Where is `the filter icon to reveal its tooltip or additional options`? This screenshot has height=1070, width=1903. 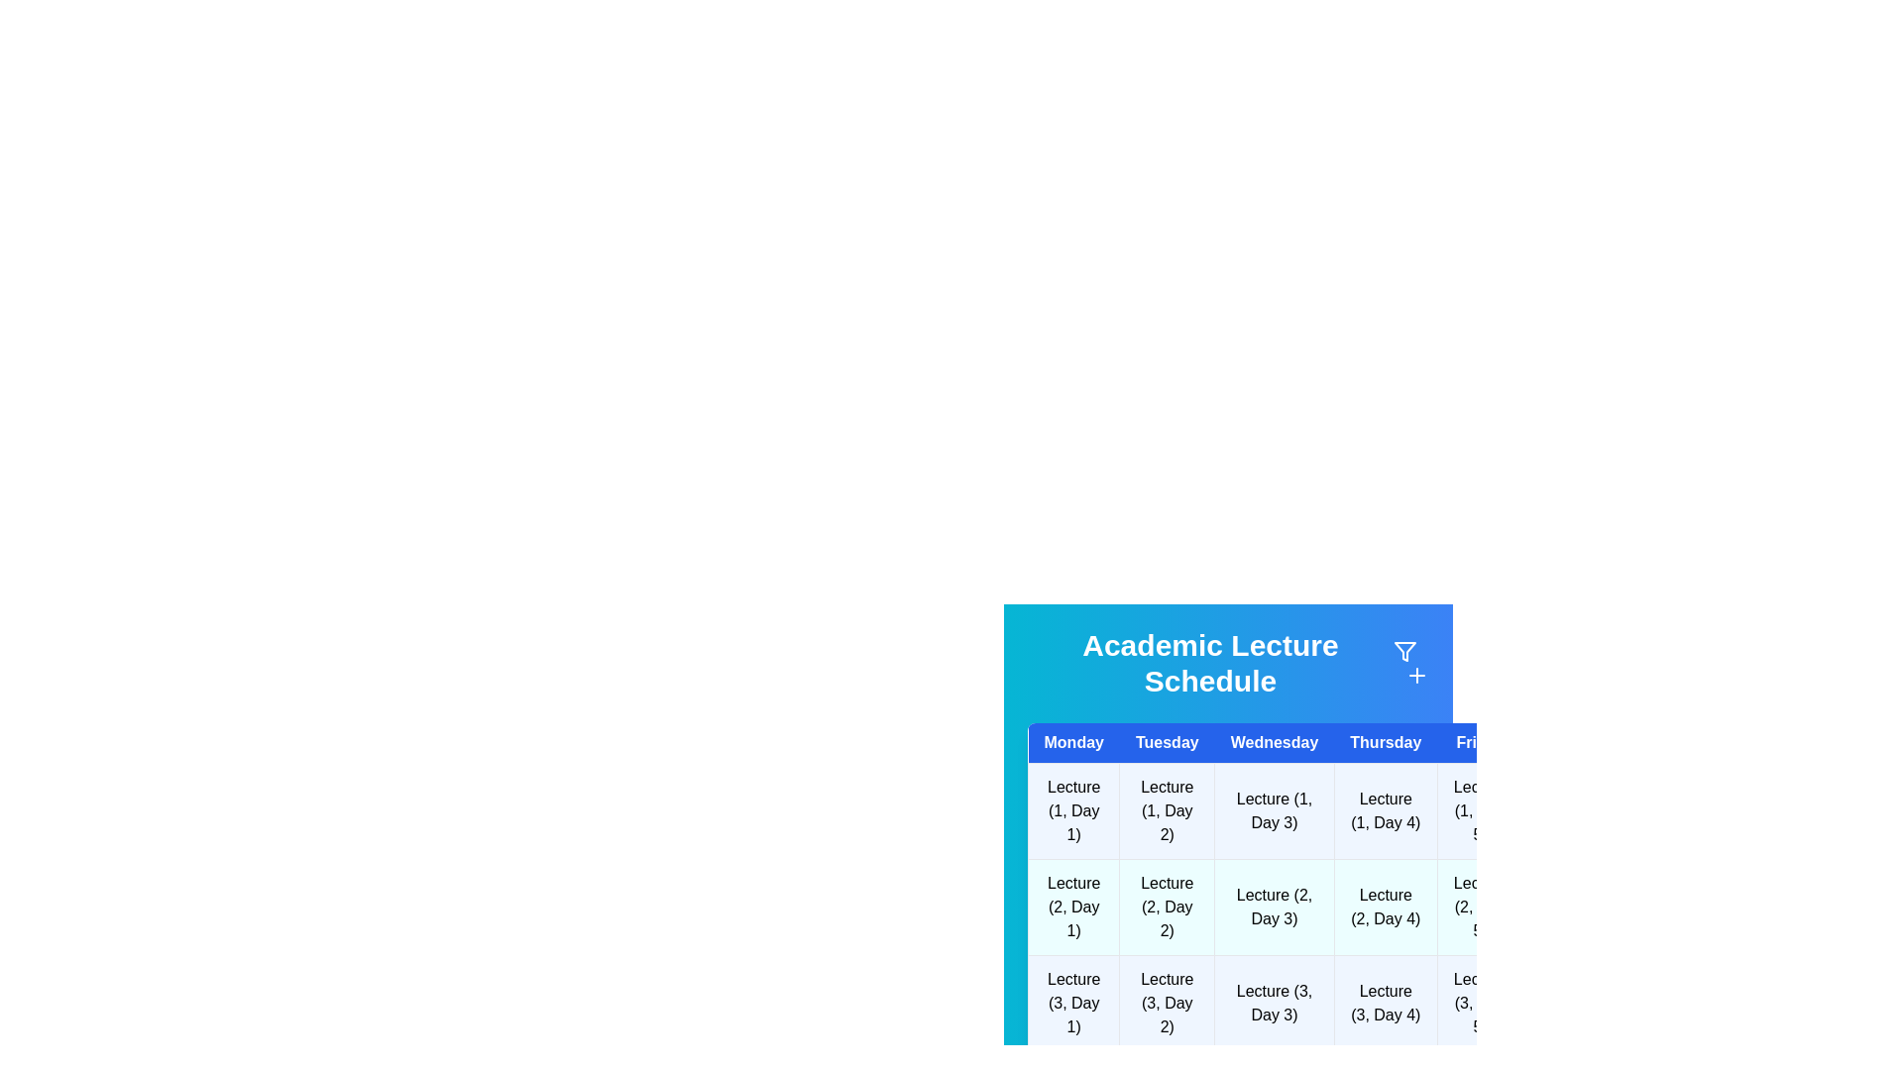
the filter icon to reveal its tooltip or additional options is located at coordinates (1403, 652).